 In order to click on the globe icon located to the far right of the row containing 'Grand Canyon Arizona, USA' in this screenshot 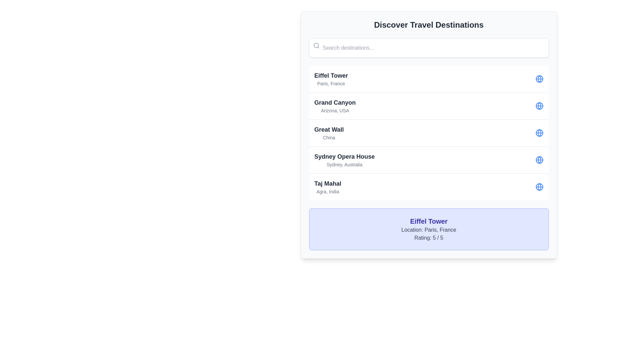, I will do `click(539, 105)`.